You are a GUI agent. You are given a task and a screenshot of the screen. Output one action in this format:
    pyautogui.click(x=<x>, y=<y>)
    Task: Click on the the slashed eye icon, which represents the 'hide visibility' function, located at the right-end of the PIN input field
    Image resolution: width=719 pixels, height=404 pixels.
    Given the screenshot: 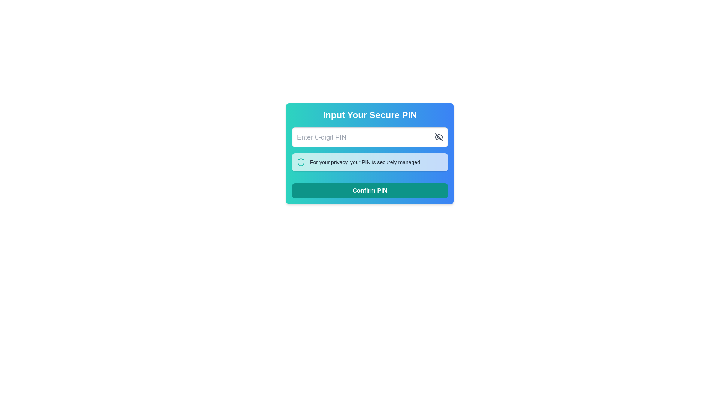 What is the action you would take?
    pyautogui.click(x=439, y=137)
    